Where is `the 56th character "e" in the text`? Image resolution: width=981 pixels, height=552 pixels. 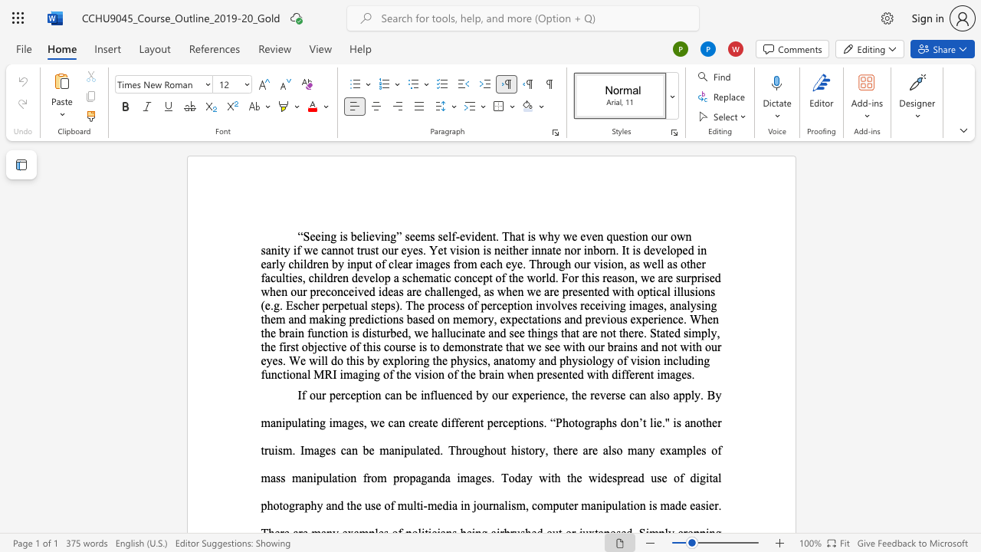 the 56th character "e" in the text is located at coordinates (584, 291).